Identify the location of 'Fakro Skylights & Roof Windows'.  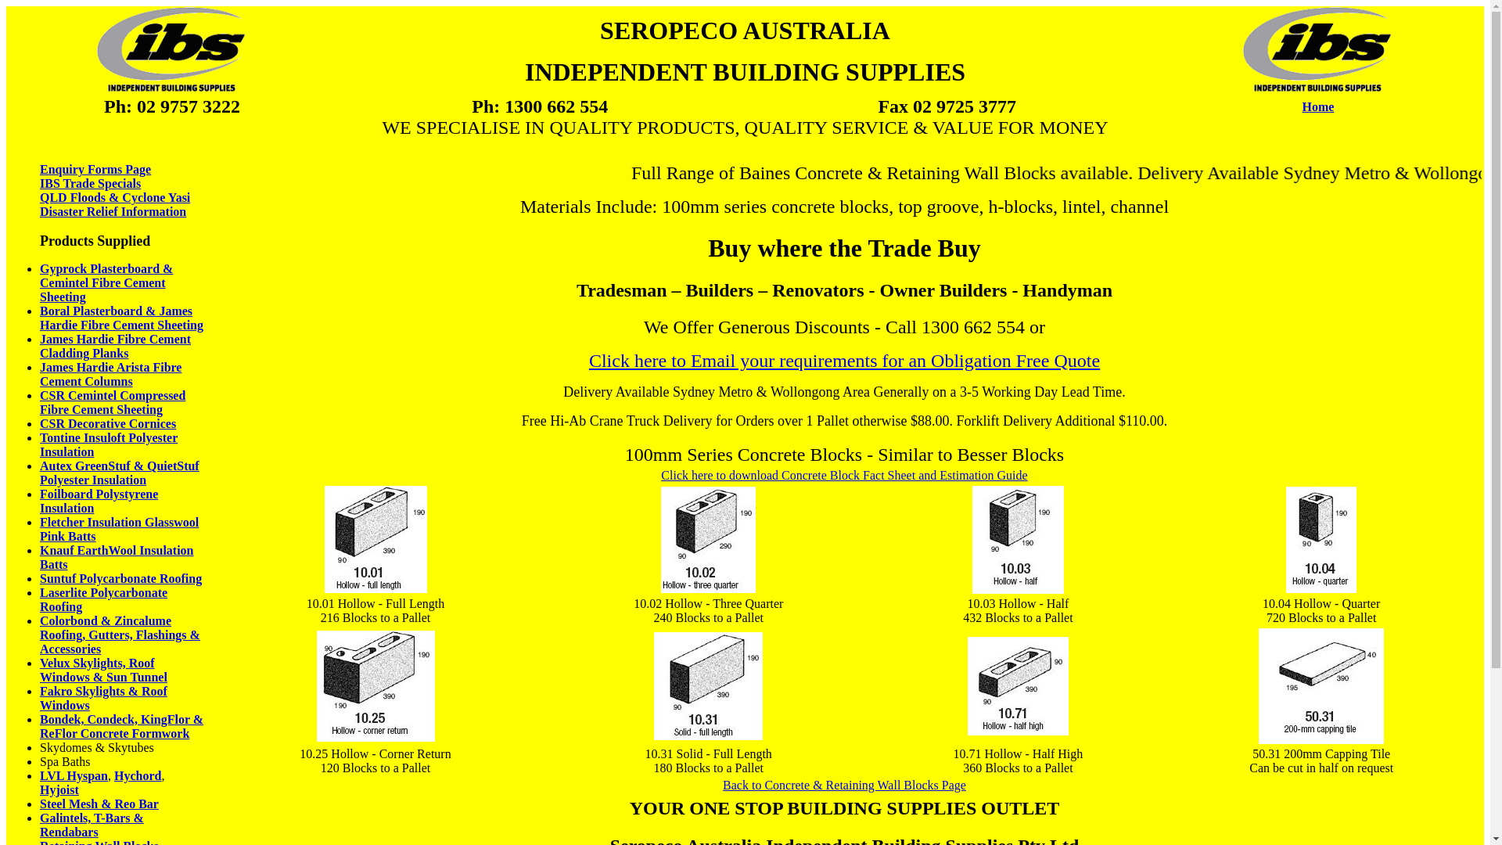
(102, 697).